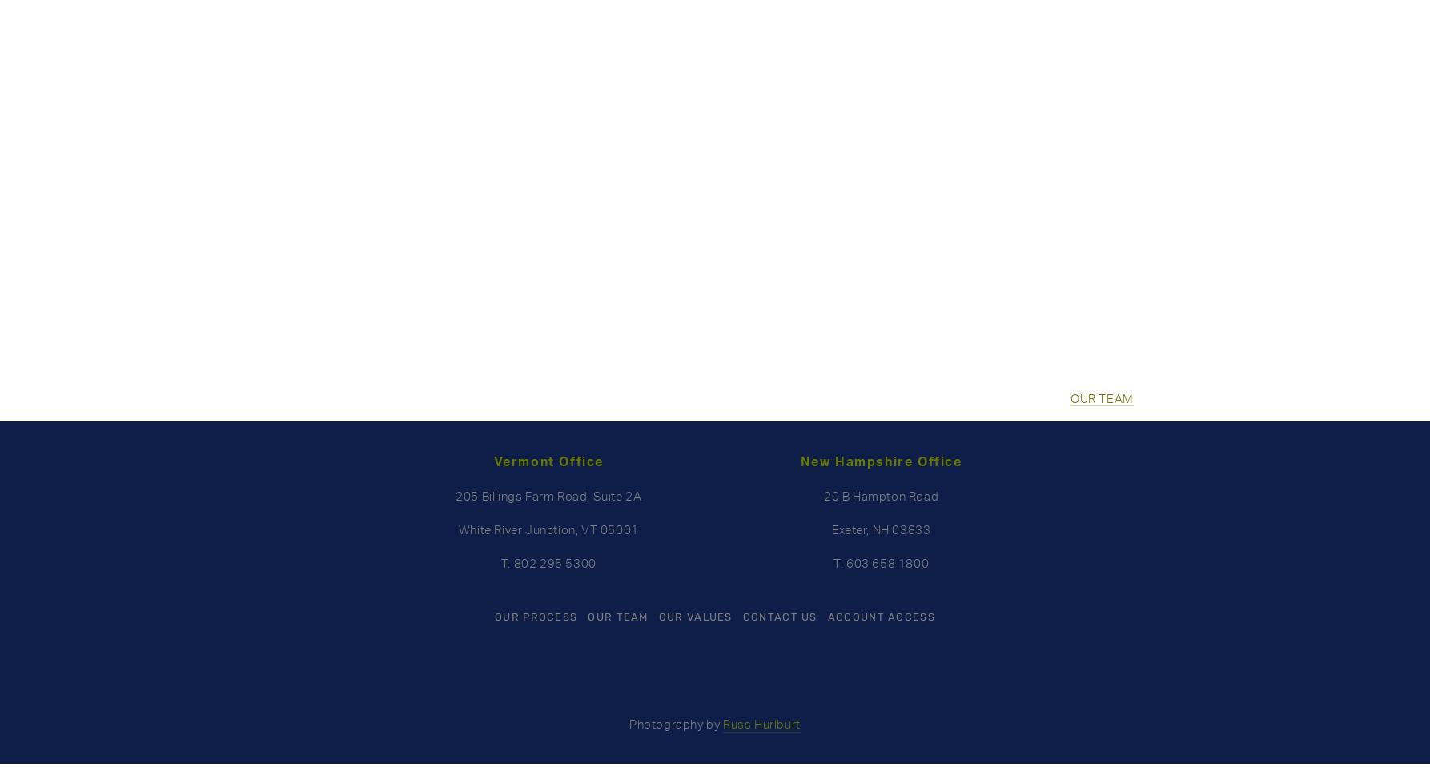 The height and width of the screenshot is (771, 1430). Describe the element at coordinates (997, 174) in the screenshot. I see `'©  2016 Kinder Institute'` at that location.